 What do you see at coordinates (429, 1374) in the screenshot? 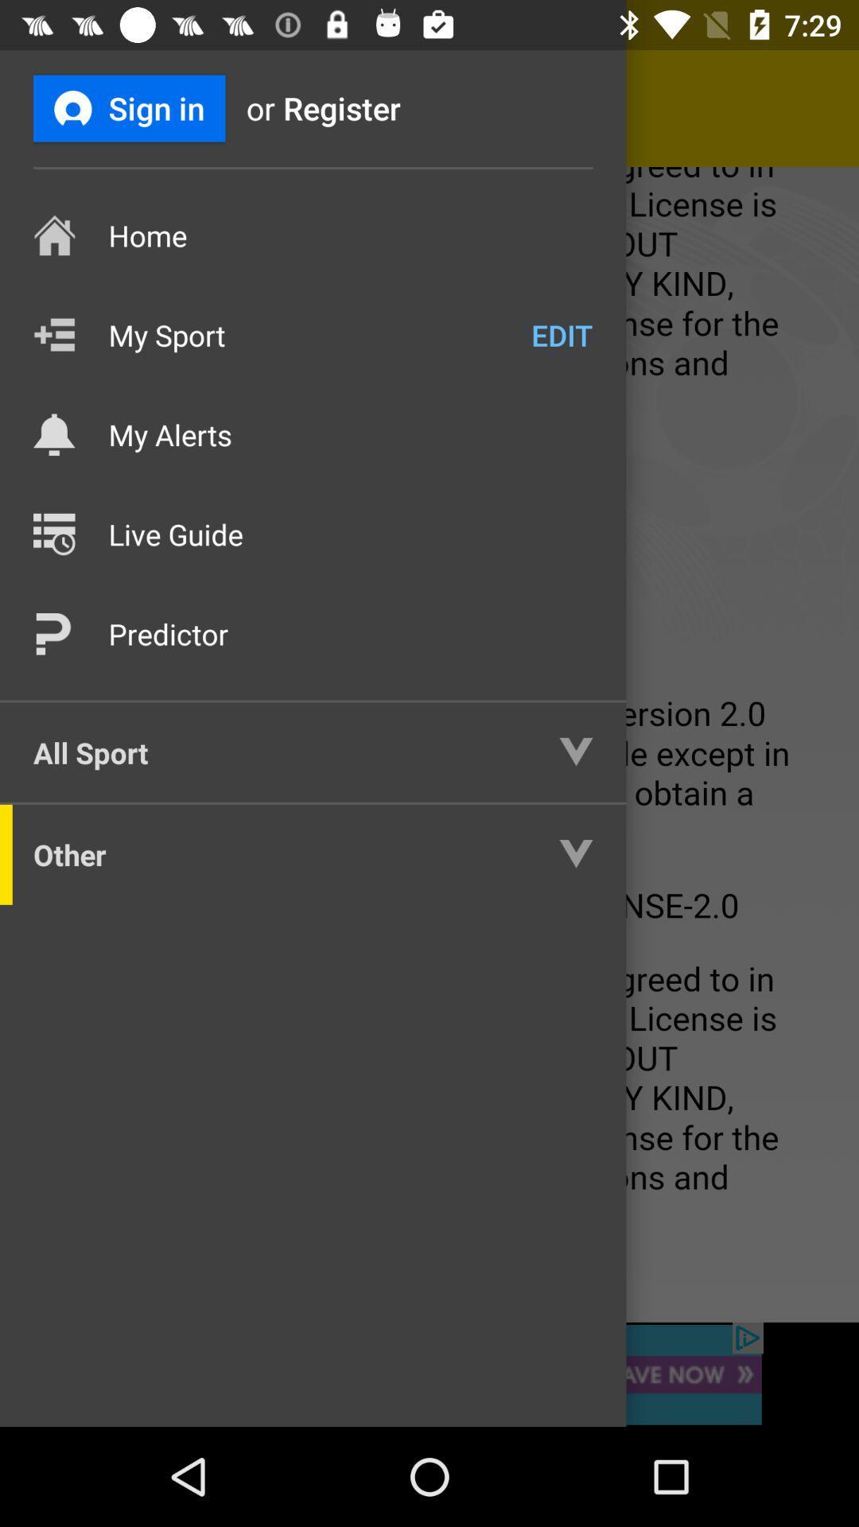
I see `advertisement 's webpage` at bounding box center [429, 1374].